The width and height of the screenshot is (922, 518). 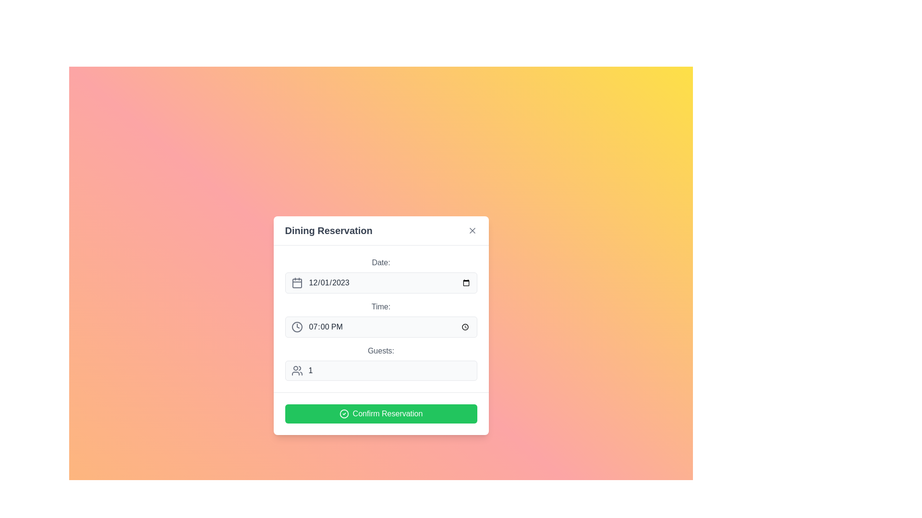 I want to click on the Date picker input field for selecting a reservation date, so click(x=380, y=275).